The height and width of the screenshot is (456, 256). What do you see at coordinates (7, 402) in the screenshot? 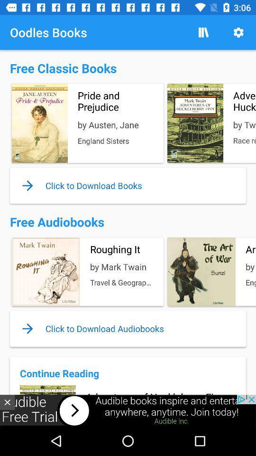
I see `the close icon` at bounding box center [7, 402].